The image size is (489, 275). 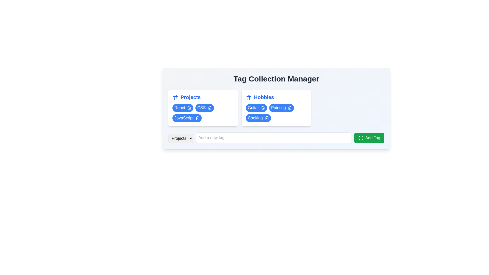 What do you see at coordinates (281, 108) in the screenshot?
I see `the blue pill-shaped button labeled 'Painting' with a delete icon` at bounding box center [281, 108].